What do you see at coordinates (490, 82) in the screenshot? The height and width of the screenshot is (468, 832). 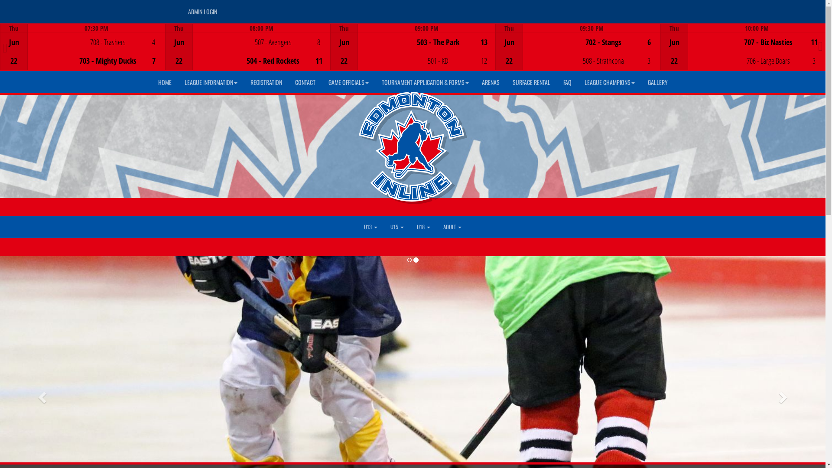 I see `'ARENAS'` at bounding box center [490, 82].